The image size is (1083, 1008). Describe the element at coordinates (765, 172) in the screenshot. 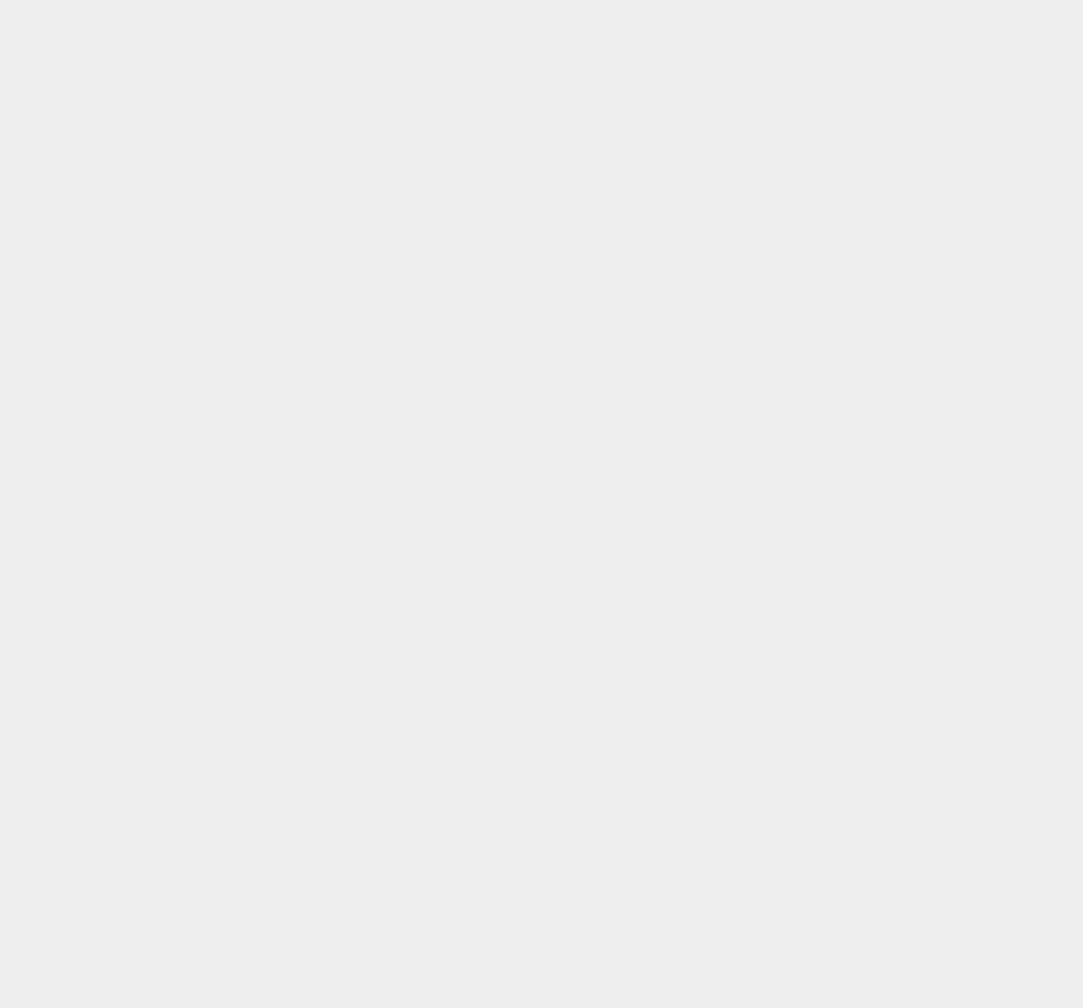

I see `'Facebook'` at that location.